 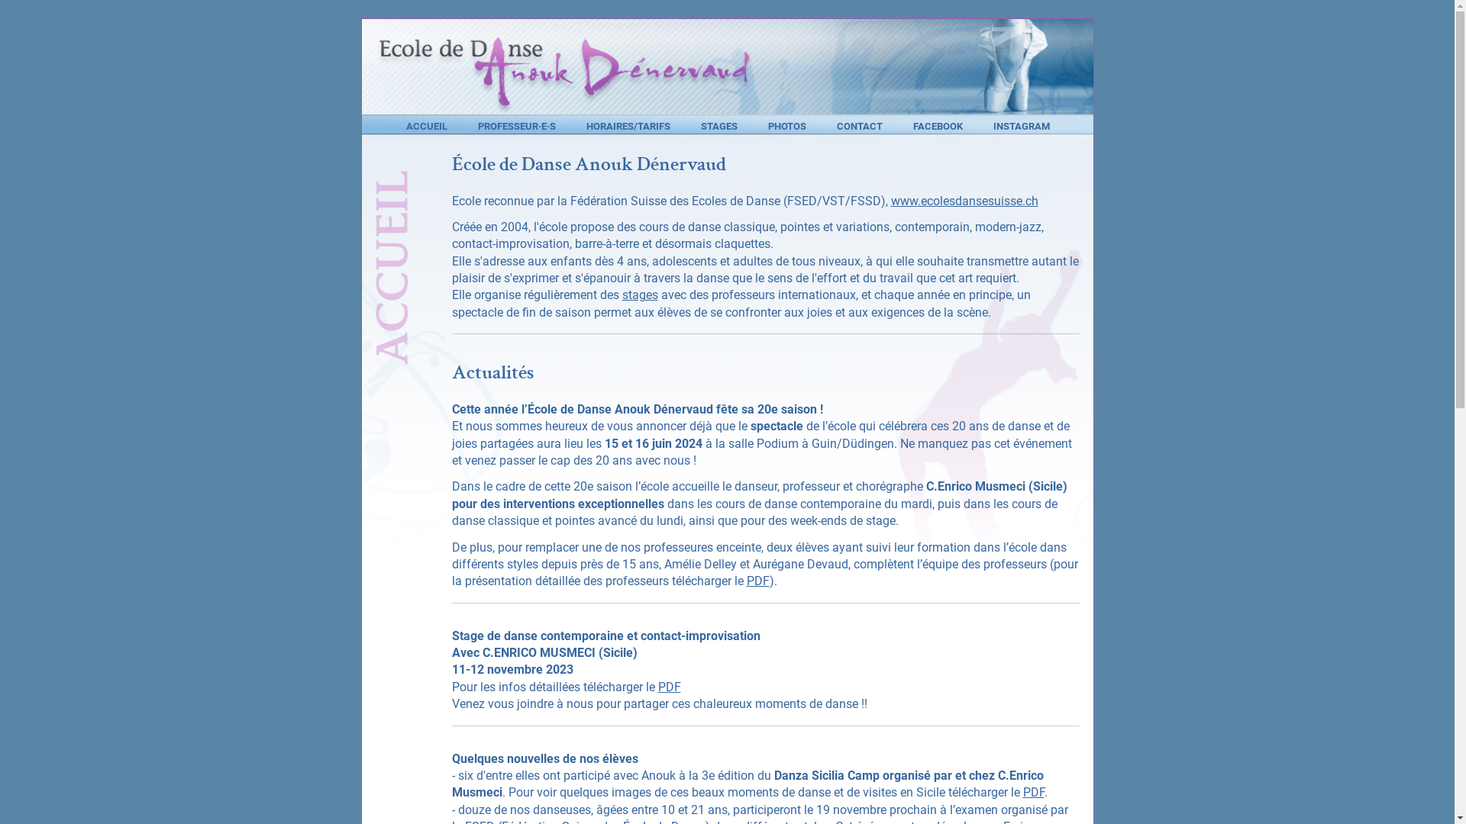 What do you see at coordinates (937, 125) in the screenshot?
I see `'FACEBOOK'` at bounding box center [937, 125].